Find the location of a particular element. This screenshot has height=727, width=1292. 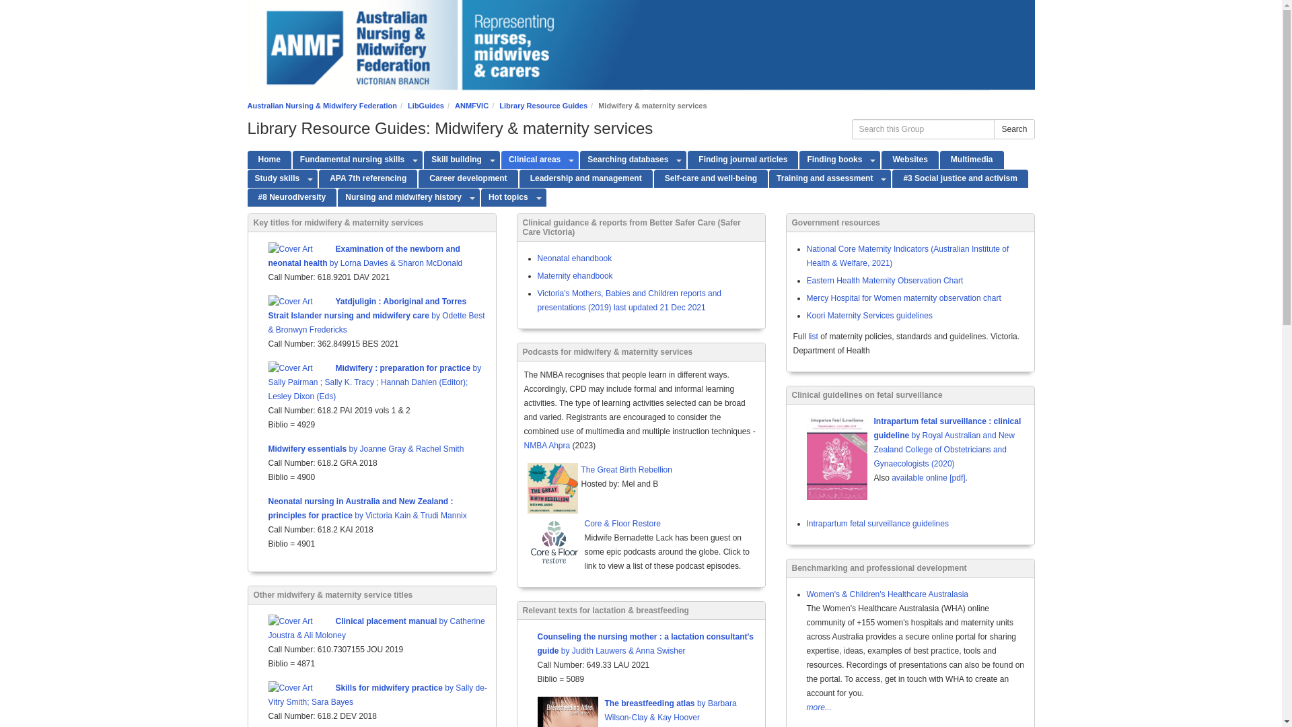

'#3 Social justice and activism' is located at coordinates (959, 178).